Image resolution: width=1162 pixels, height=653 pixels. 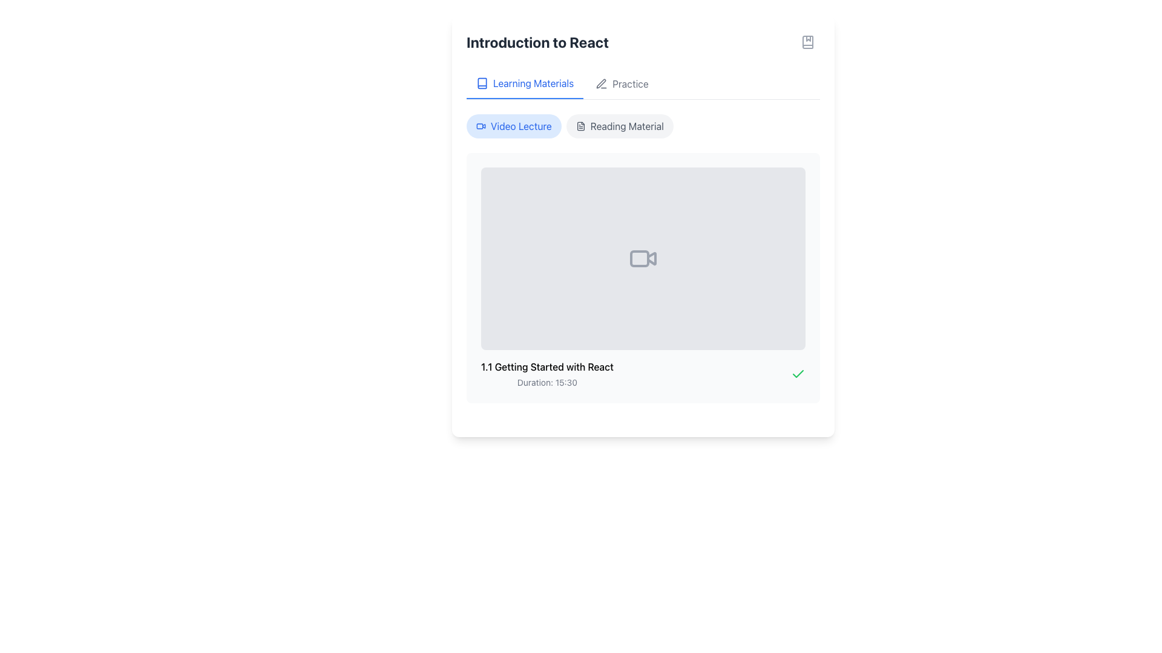 I want to click on the SVG-based video camera icon that serves as a visual cue for video content, located at the center of a gray rectangle within a larger card element, so click(x=642, y=258).